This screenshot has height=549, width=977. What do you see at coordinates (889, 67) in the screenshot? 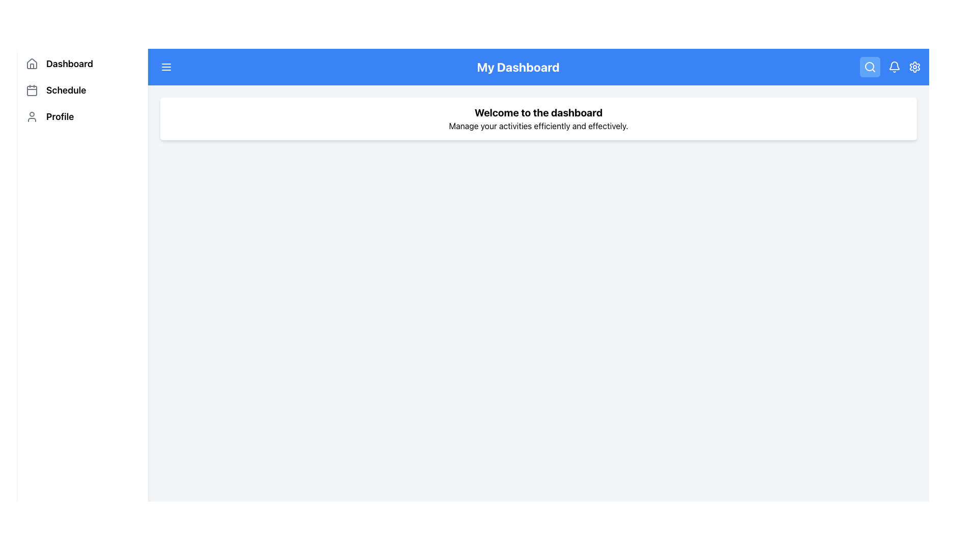
I see `the notification bell icon located at the top-right corner of 'My Dashboard'` at bounding box center [889, 67].